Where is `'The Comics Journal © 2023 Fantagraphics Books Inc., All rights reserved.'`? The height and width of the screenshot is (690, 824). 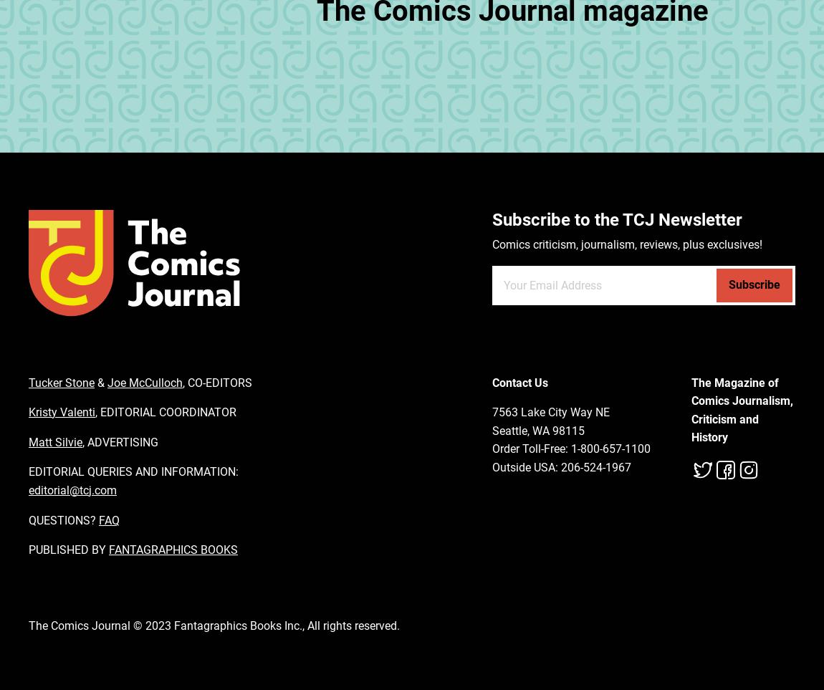 'The Comics Journal © 2023 Fantagraphics Books Inc., All rights reserved.' is located at coordinates (28, 625).